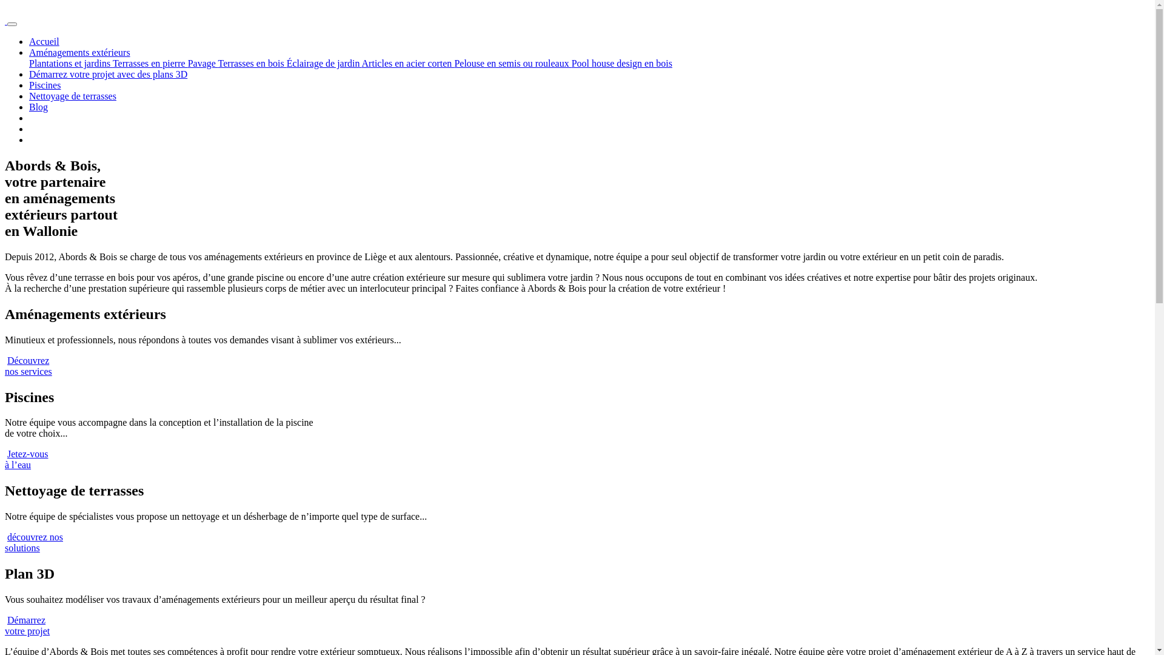  What do you see at coordinates (38, 106) in the screenshot?
I see `'Blog'` at bounding box center [38, 106].